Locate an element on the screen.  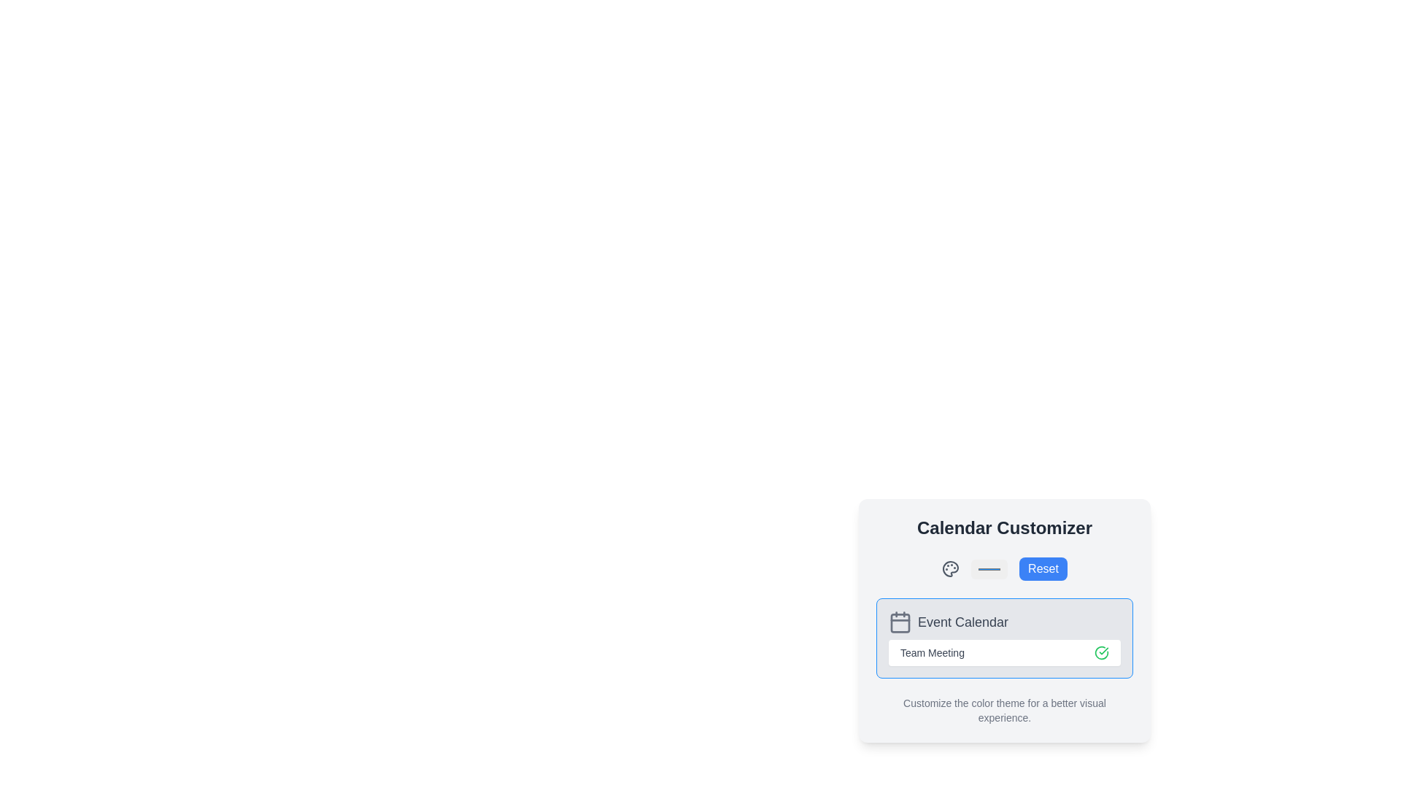
the calendar icon that is positioned to the left of the 'Event Calendar' label within the 'Calendar Customizer' section is located at coordinates (899, 622).